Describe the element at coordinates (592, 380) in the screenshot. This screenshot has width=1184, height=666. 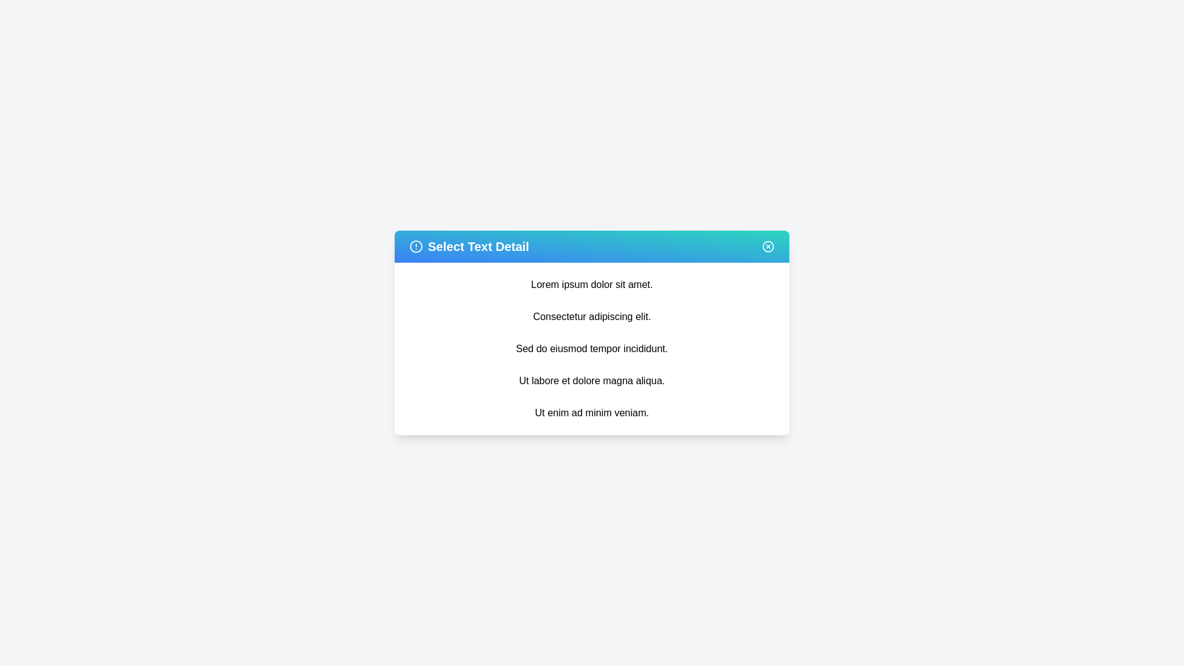
I see `the text item 'Ut labore et dolore magna aliqua.'` at that location.